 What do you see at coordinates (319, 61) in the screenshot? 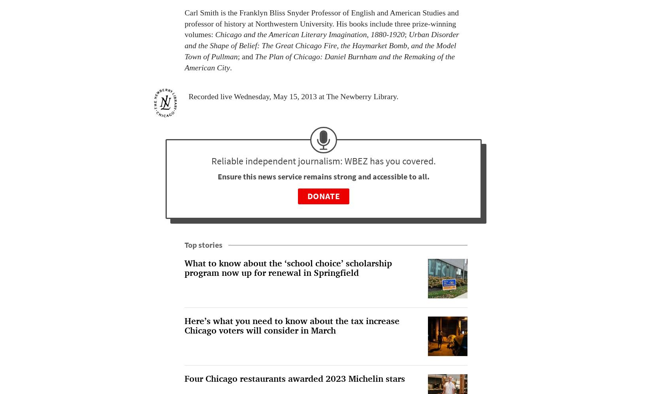
I see `'The Plan of Chicago: Daniel Burnham and the Remaking of the American City'` at bounding box center [319, 61].